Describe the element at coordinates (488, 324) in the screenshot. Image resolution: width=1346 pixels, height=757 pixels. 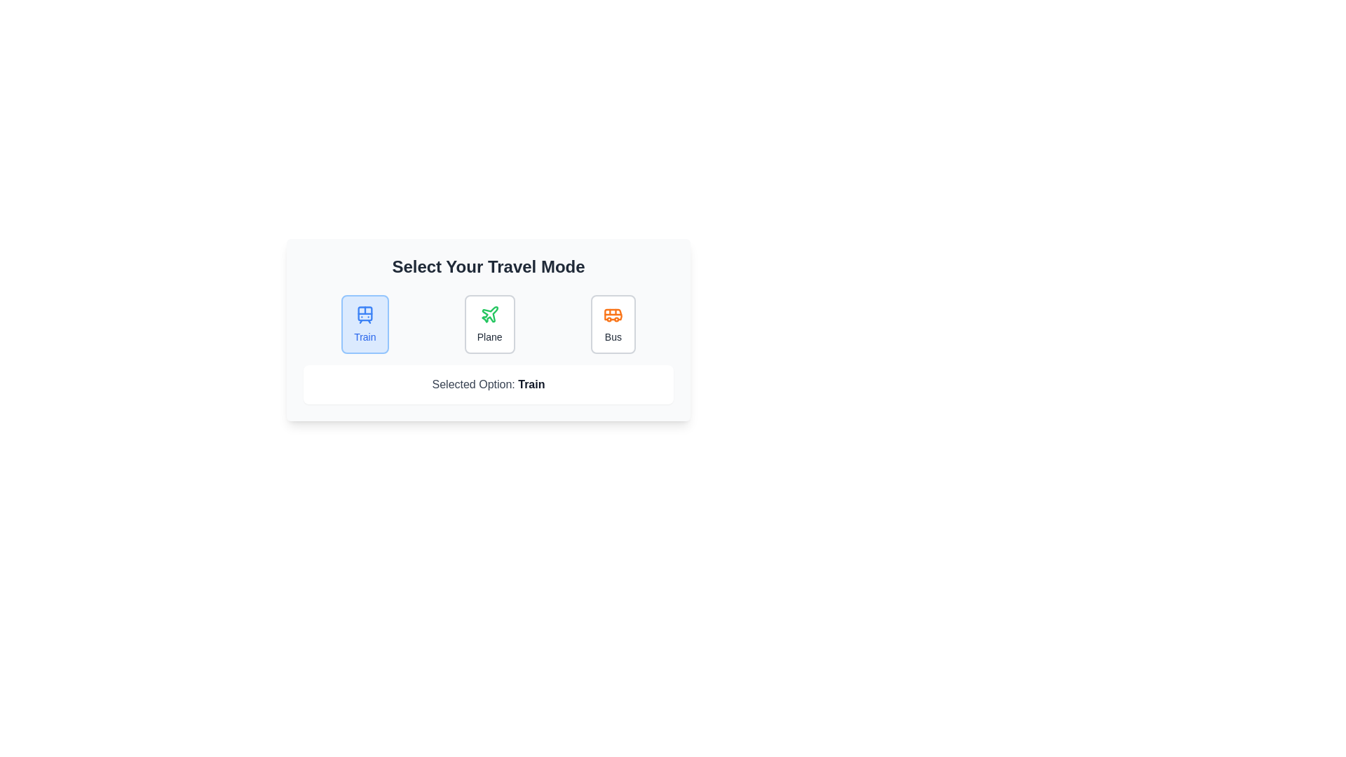
I see `the group of buttons labeled 'Train', 'Plane', and 'Bus' located below the heading 'Select Your Travel Mode'` at that location.